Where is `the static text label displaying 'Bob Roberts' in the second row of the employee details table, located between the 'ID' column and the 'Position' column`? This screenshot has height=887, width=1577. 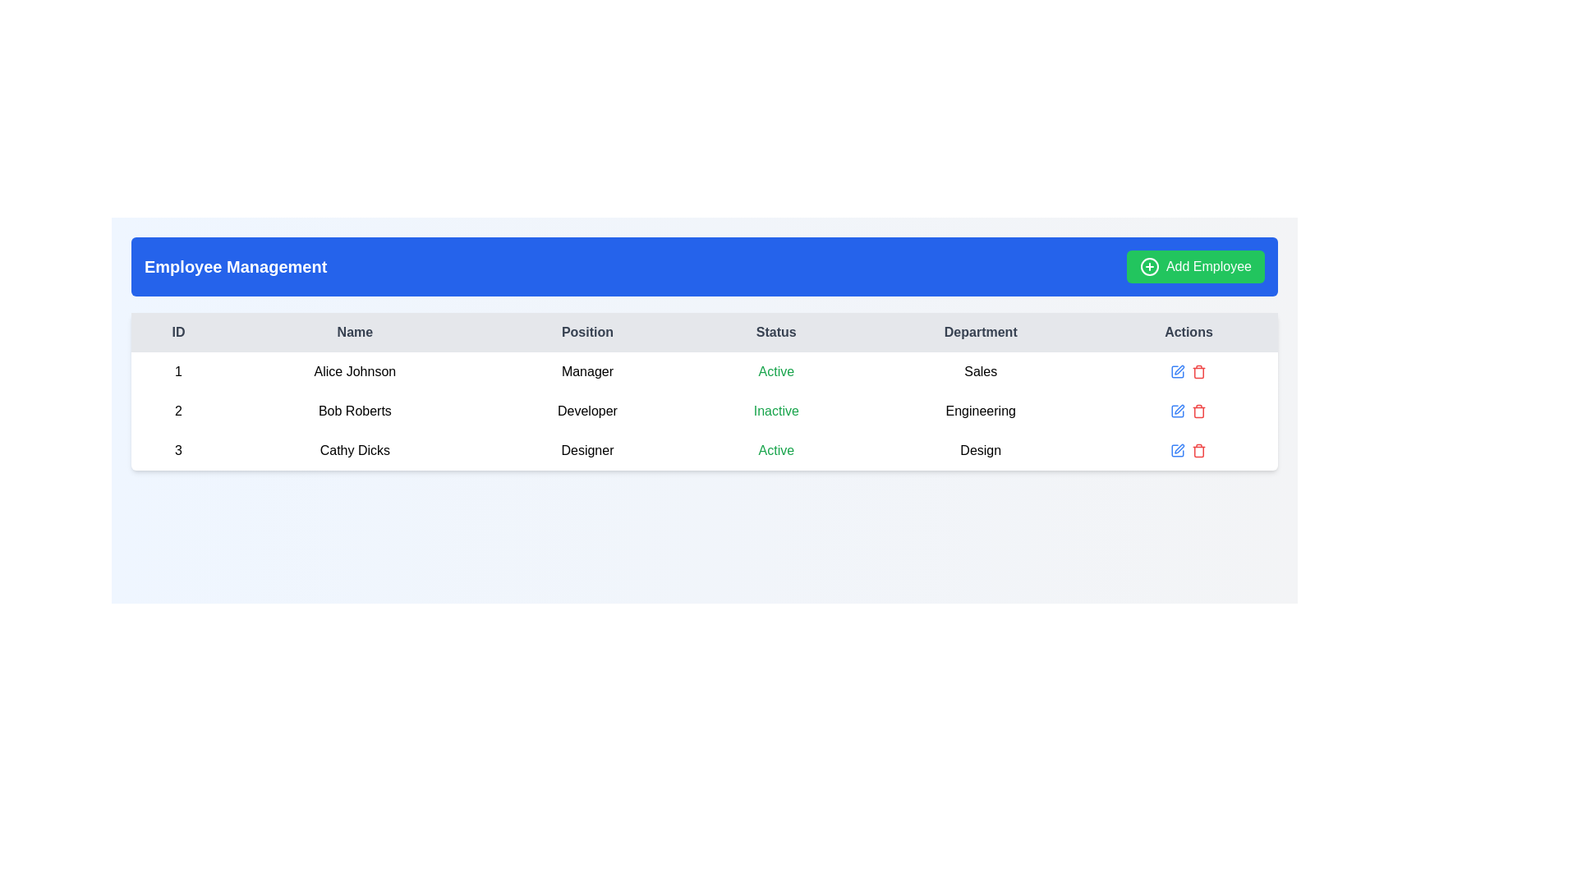 the static text label displaying 'Bob Roberts' in the second row of the employee details table, located between the 'ID' column and the 'Position' column is located at coordinates (354, 411).